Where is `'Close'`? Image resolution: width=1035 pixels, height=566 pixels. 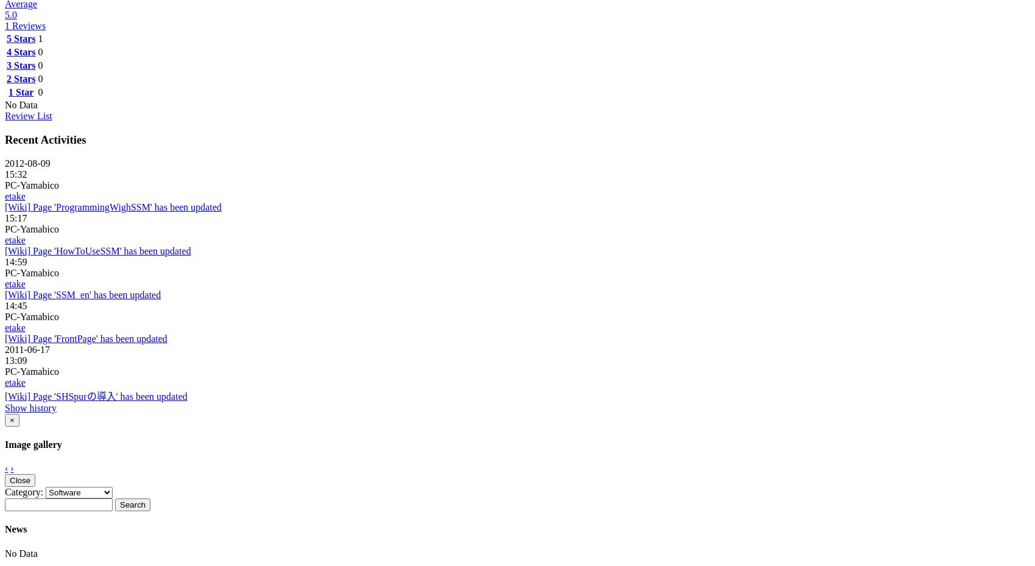
'Close' is located at coordinates (9, 480).